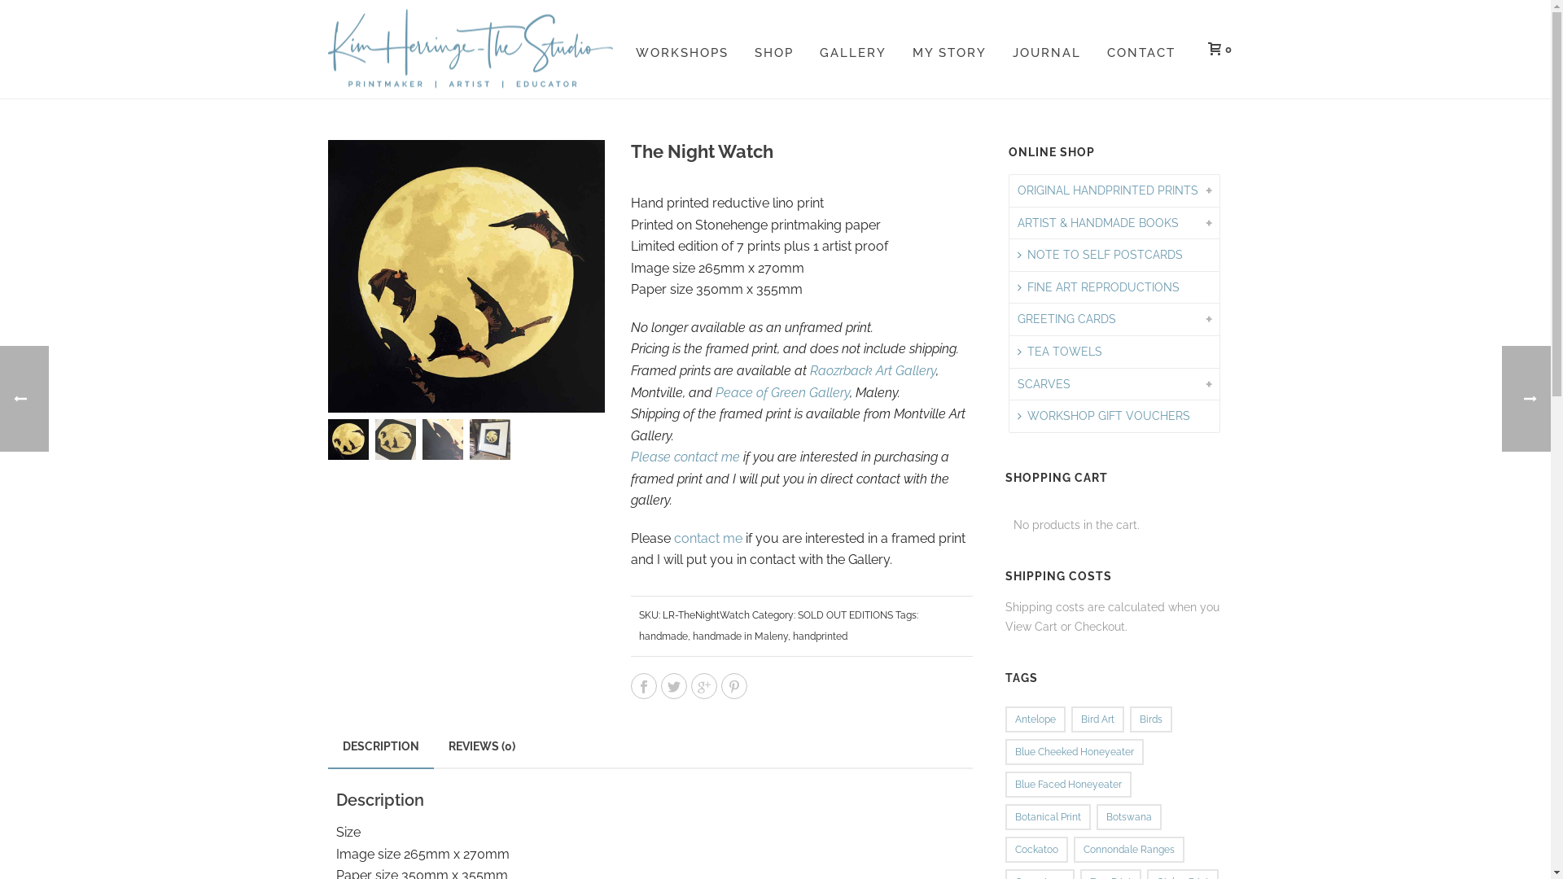 The image size is (1563, 879). Describe the element at coordinates (872, 370) in the screenshot. I see `'Raozrback Art Gallery'` at that location.